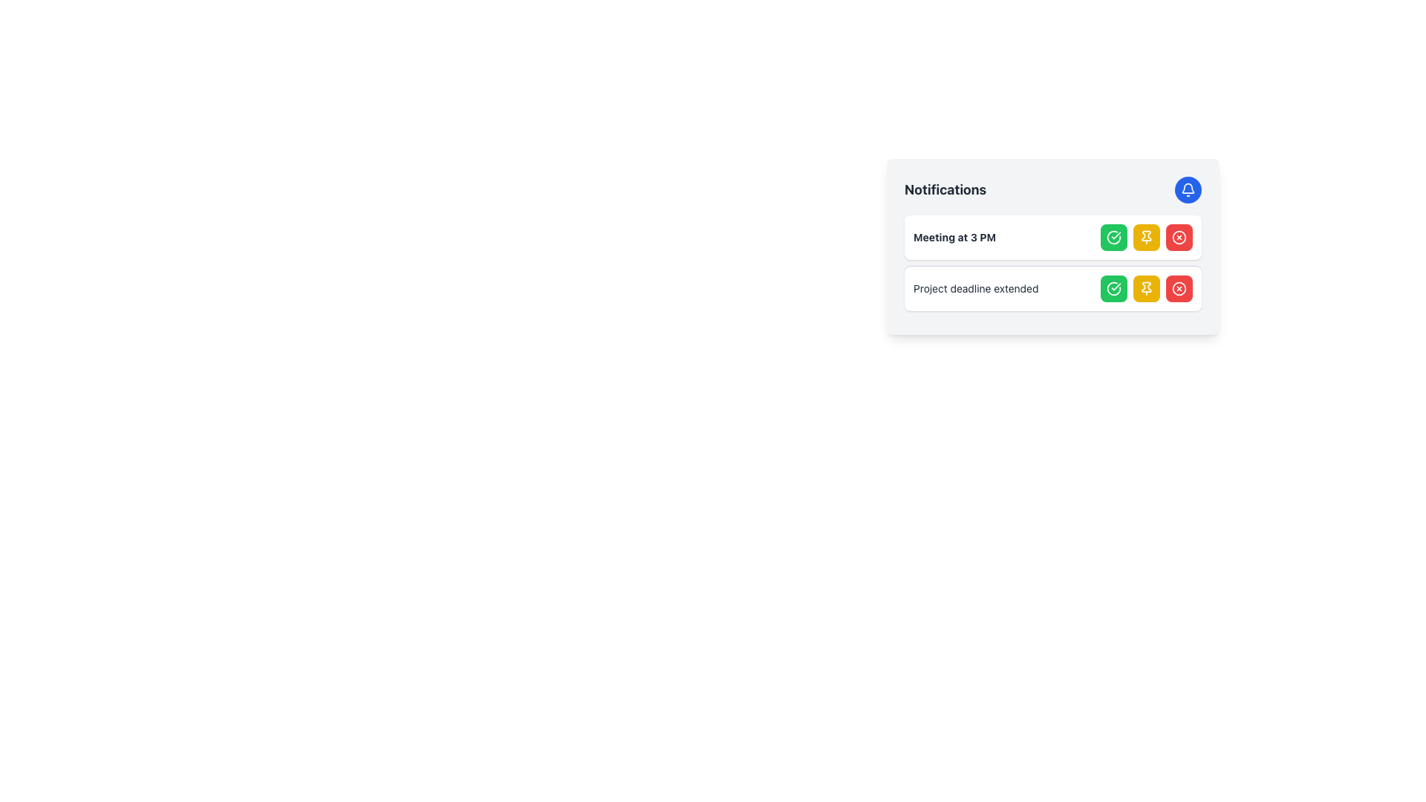 Image resolution: width=1426 pixels, height=802 pixels. Describe the element at coordinates (1179, 237) in the screenshot. I see `the red circular button with a white 'X' shape located in the notification section, adjacent to the text 'Project deadline extended'` at that location.